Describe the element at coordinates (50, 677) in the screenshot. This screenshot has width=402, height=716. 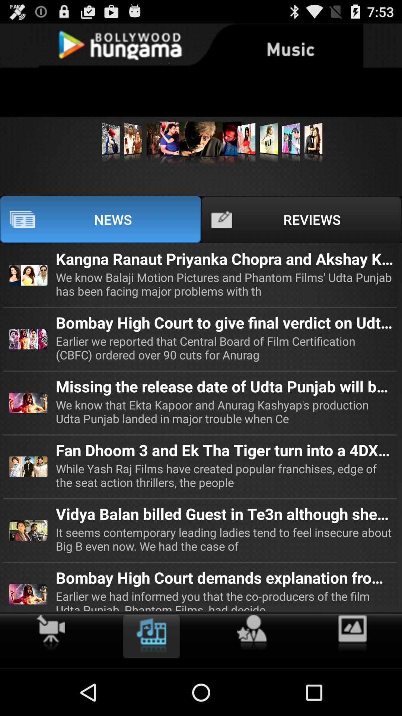
I see `the skip_next icon` at that location.